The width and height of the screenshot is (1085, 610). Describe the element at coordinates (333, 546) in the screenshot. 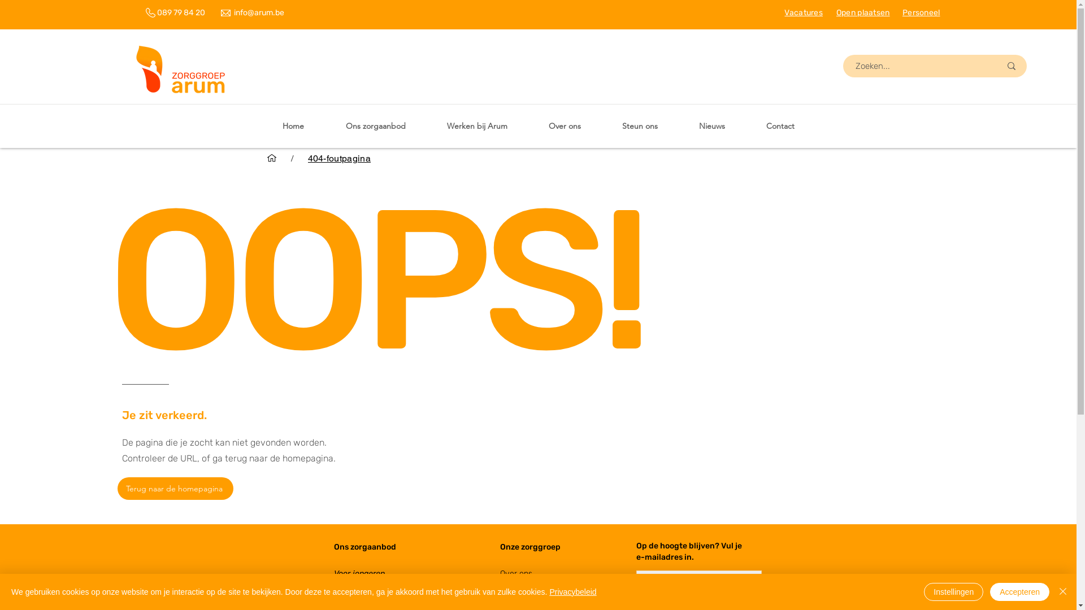

I see `'Ons zorgaanbod'` at that location.